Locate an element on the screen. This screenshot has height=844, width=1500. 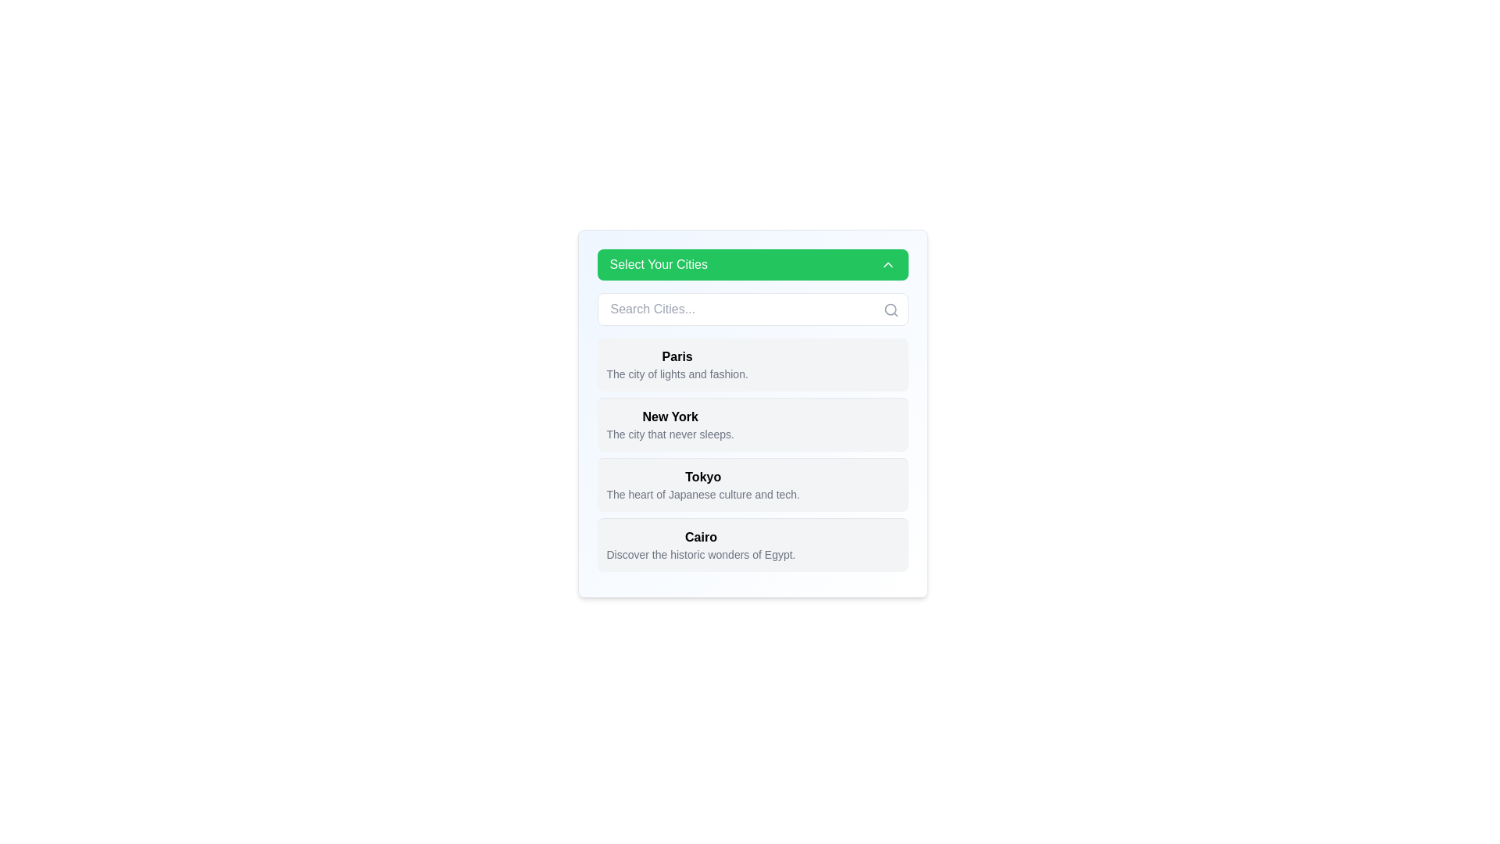
the heading or label representing the city 'Paris' is located at coordinates (677, 356).